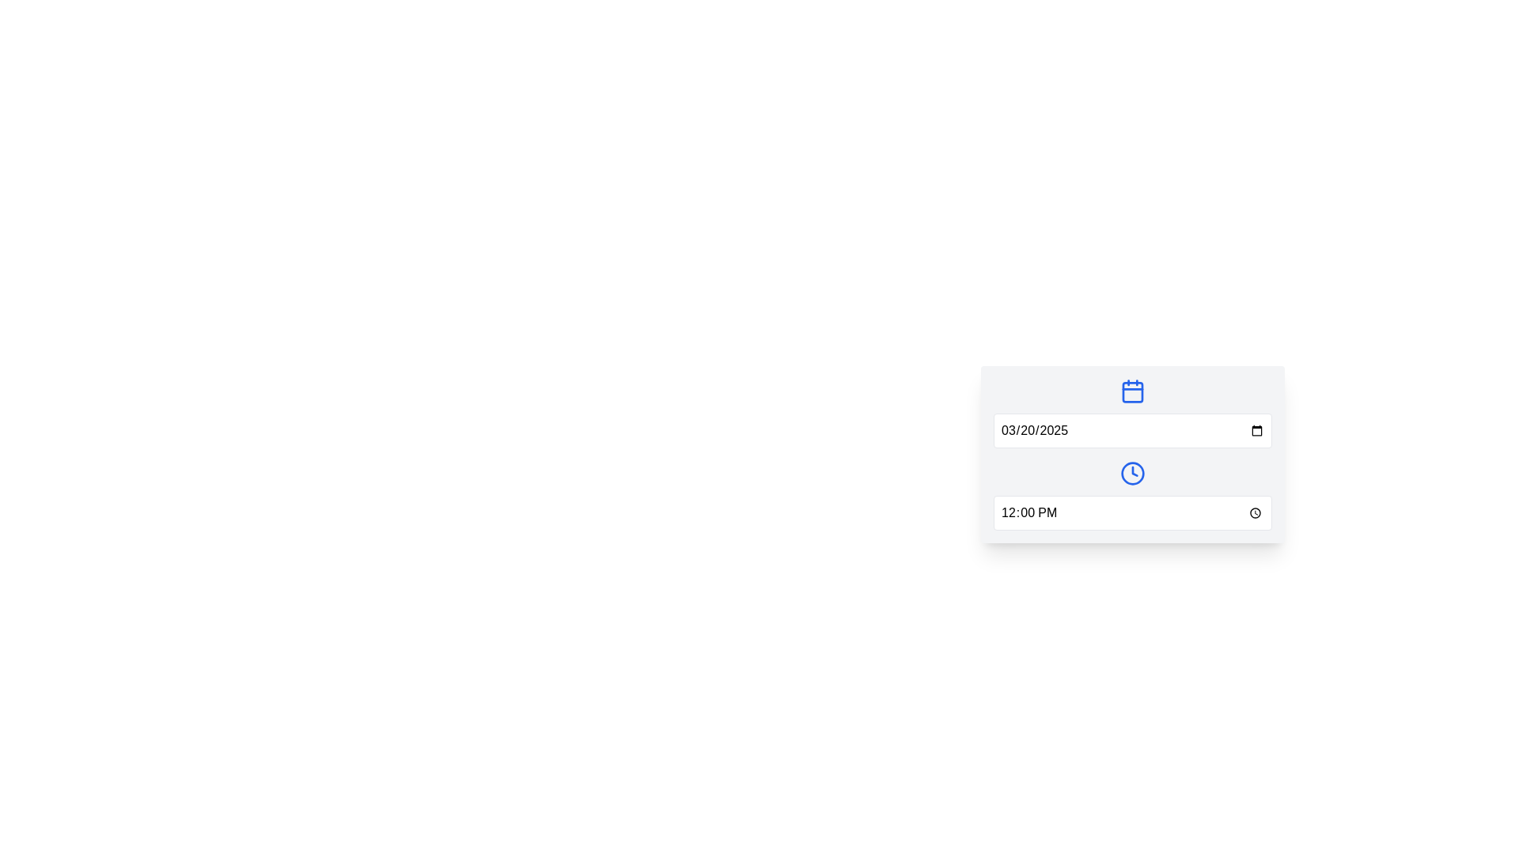 This screenshot has width=1519, height=854. I want to click on the main body of the calendar icon located at the top center of the card-like structure, so click(1131, 391).